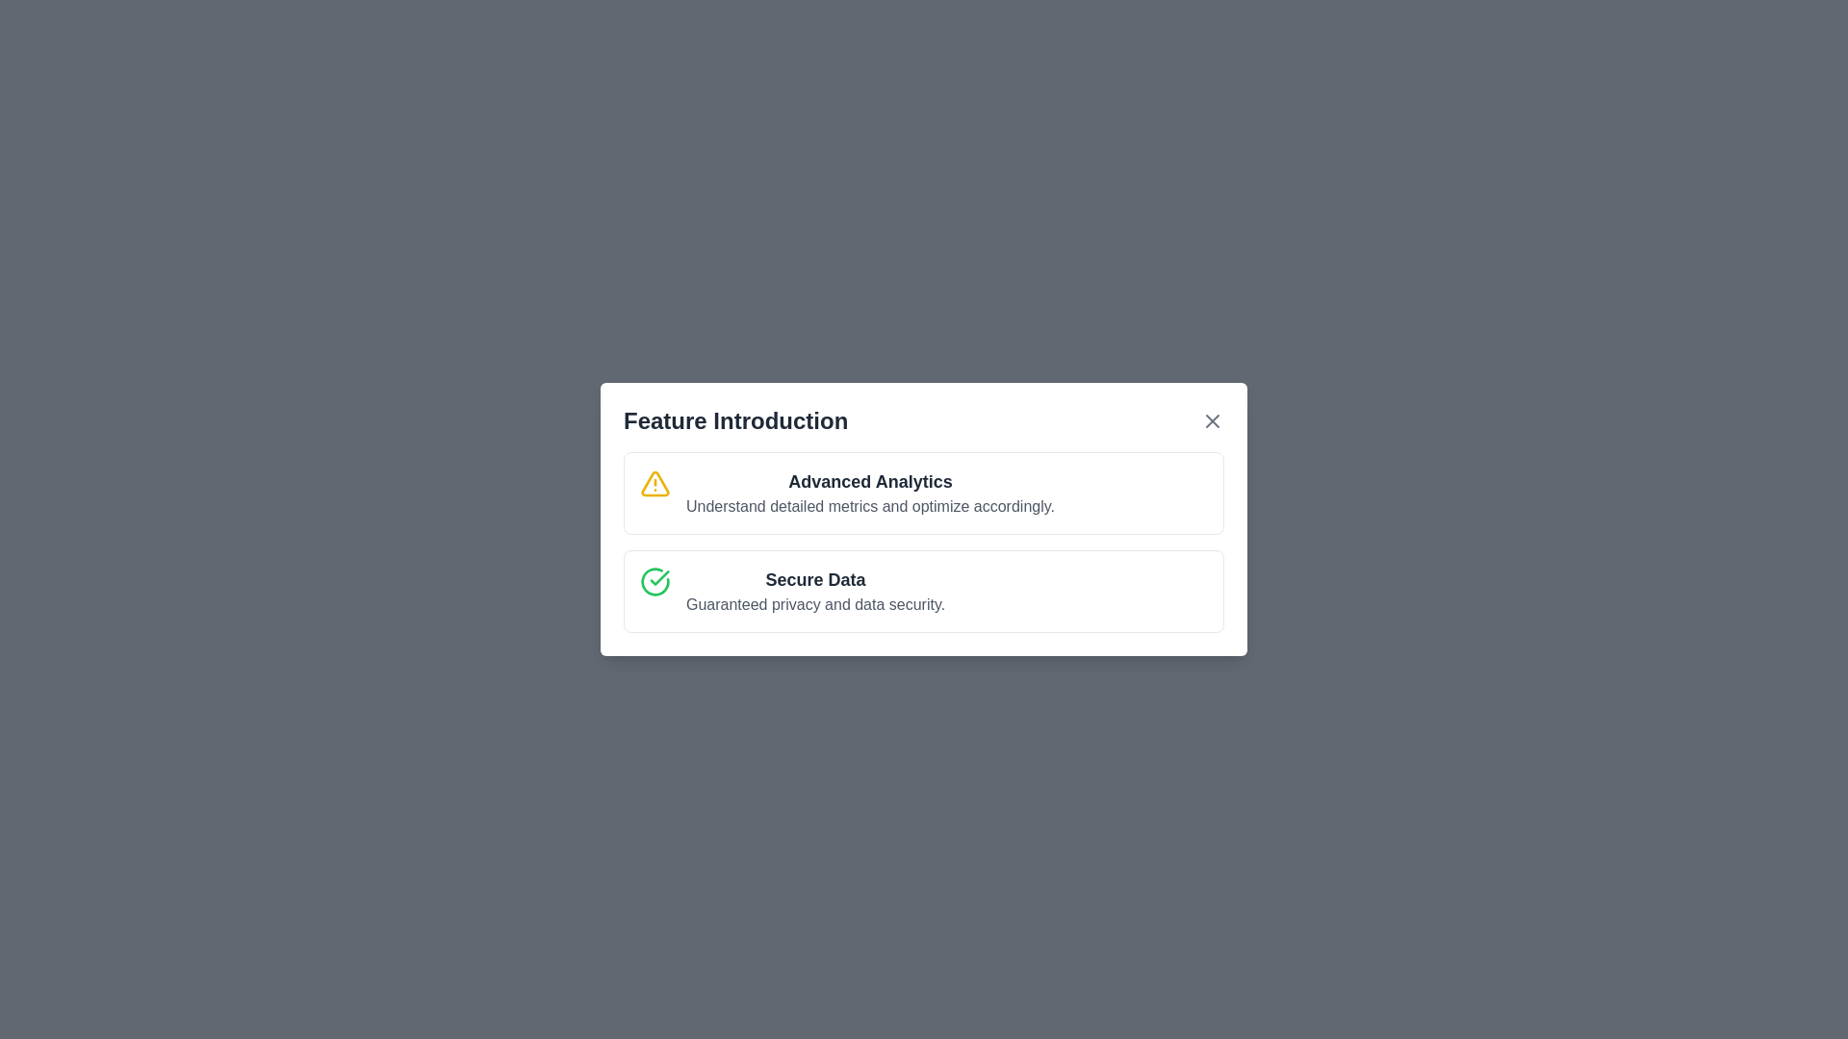 The width and height of the screenshot is (1848, 1039). What do you see at coordinates (815, 603) in the screenshot?
I see `the Text Label displaying 'Guaranteed privacy and data security.' located under the 'Secure Data' title in the second card` at bounding box center [815, 603].